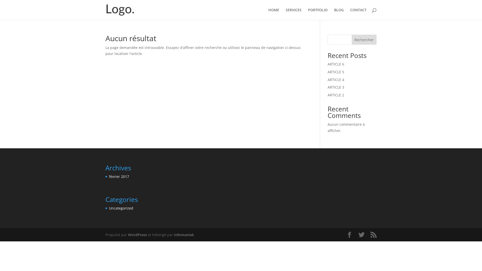 Image resolution: width=482 pixels, height=271 pixels. What do you see at coordinates (358, 14) in the screenshot?
I see `'CONTACT'` at bounding box center [358, 14].